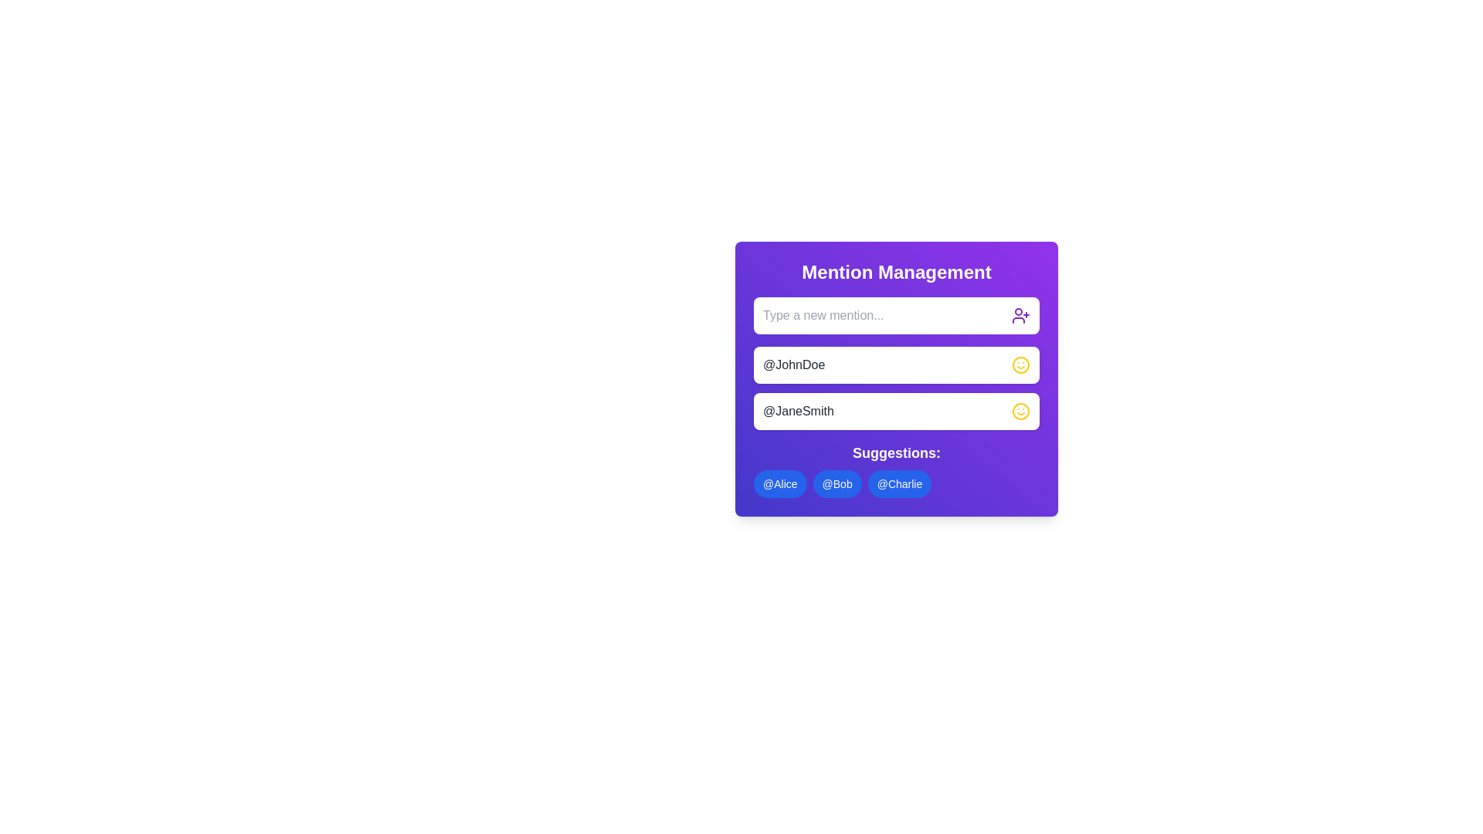  I want to click on the user silhouette icon with a plus sign located at the top-right corner of the 'Type a new mention...' input field, so click(1020, 314).